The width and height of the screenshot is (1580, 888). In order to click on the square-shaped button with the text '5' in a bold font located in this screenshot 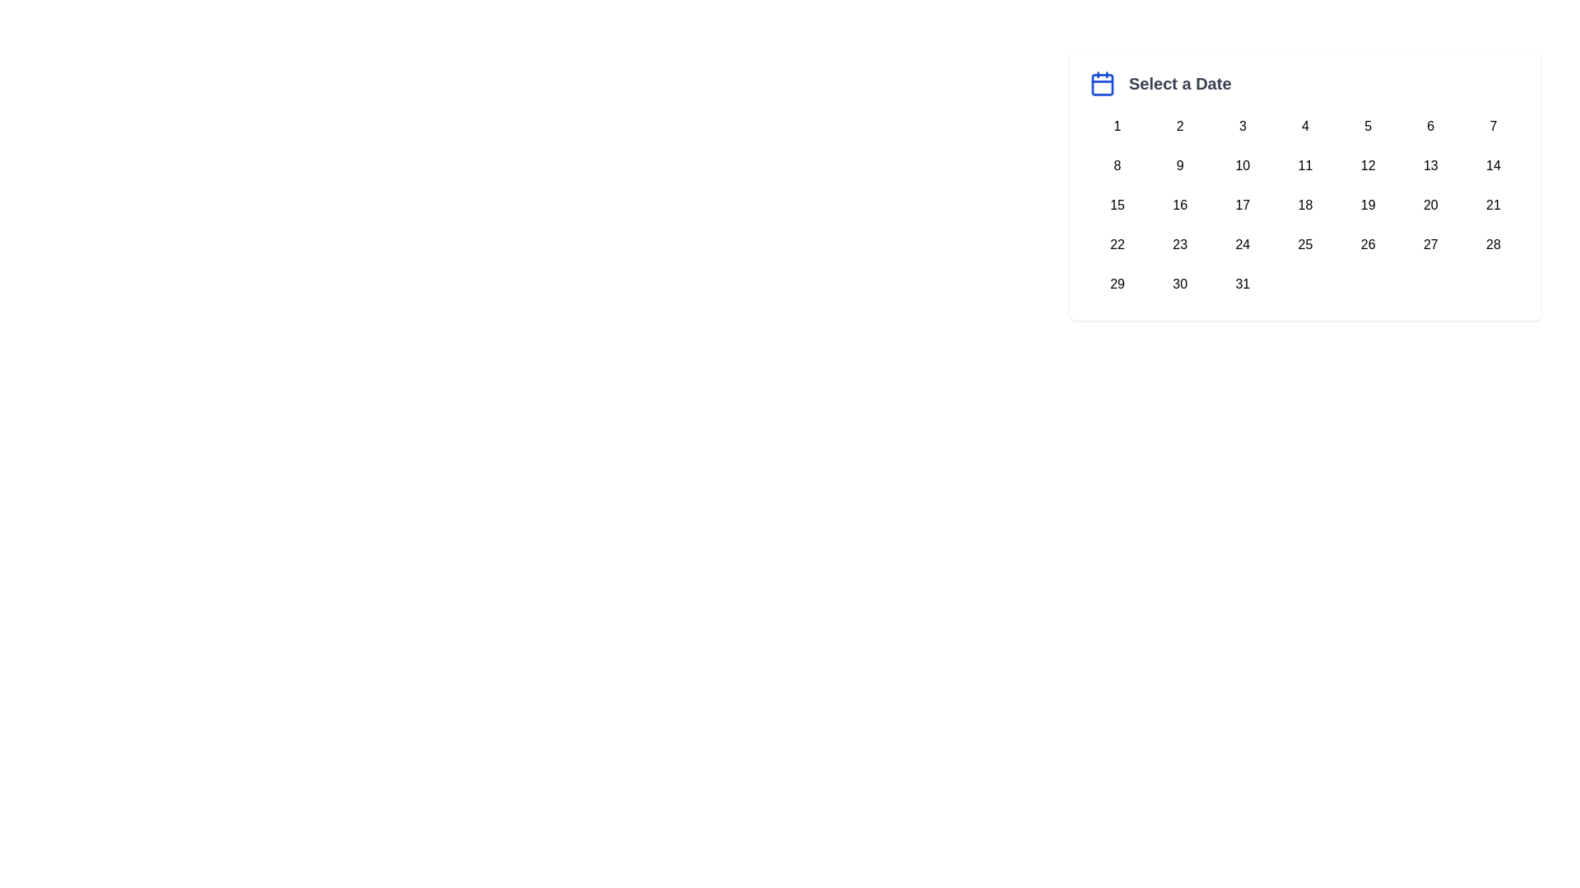, I will do `click(1368, 126)`.